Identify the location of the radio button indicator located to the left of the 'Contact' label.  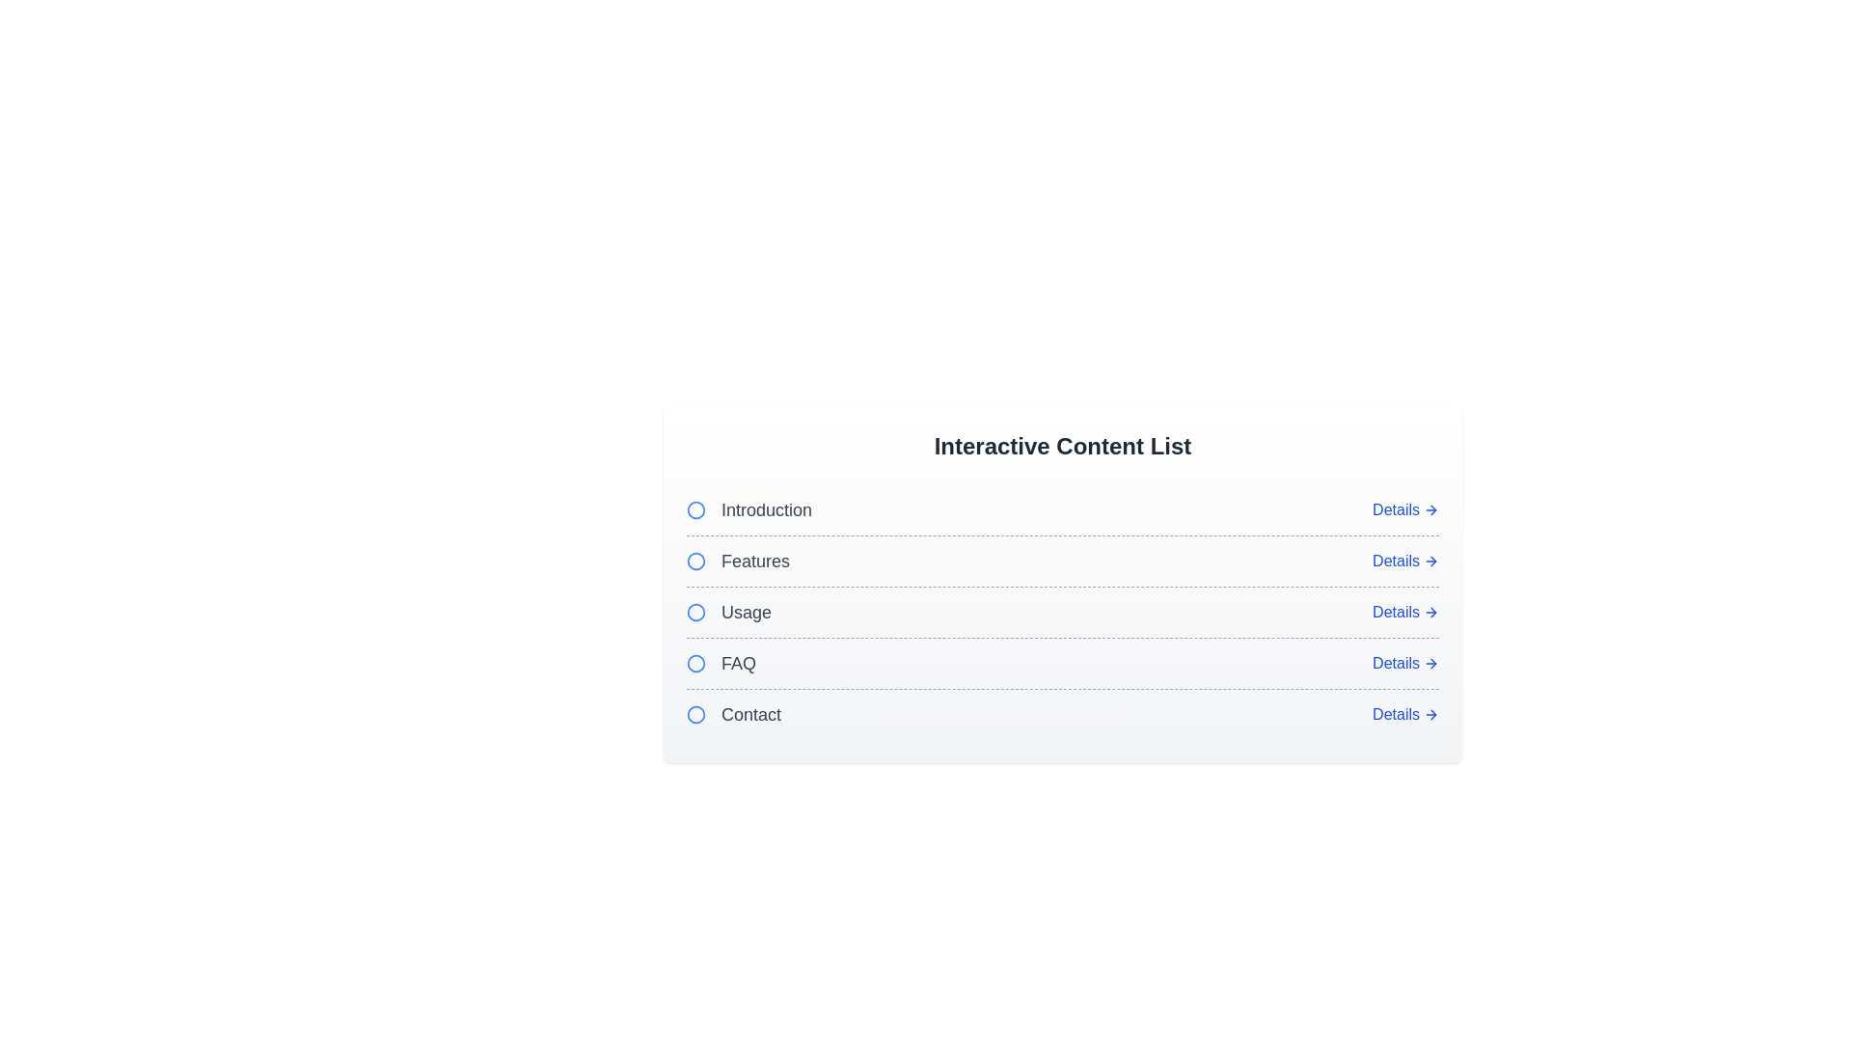
(694, 714).